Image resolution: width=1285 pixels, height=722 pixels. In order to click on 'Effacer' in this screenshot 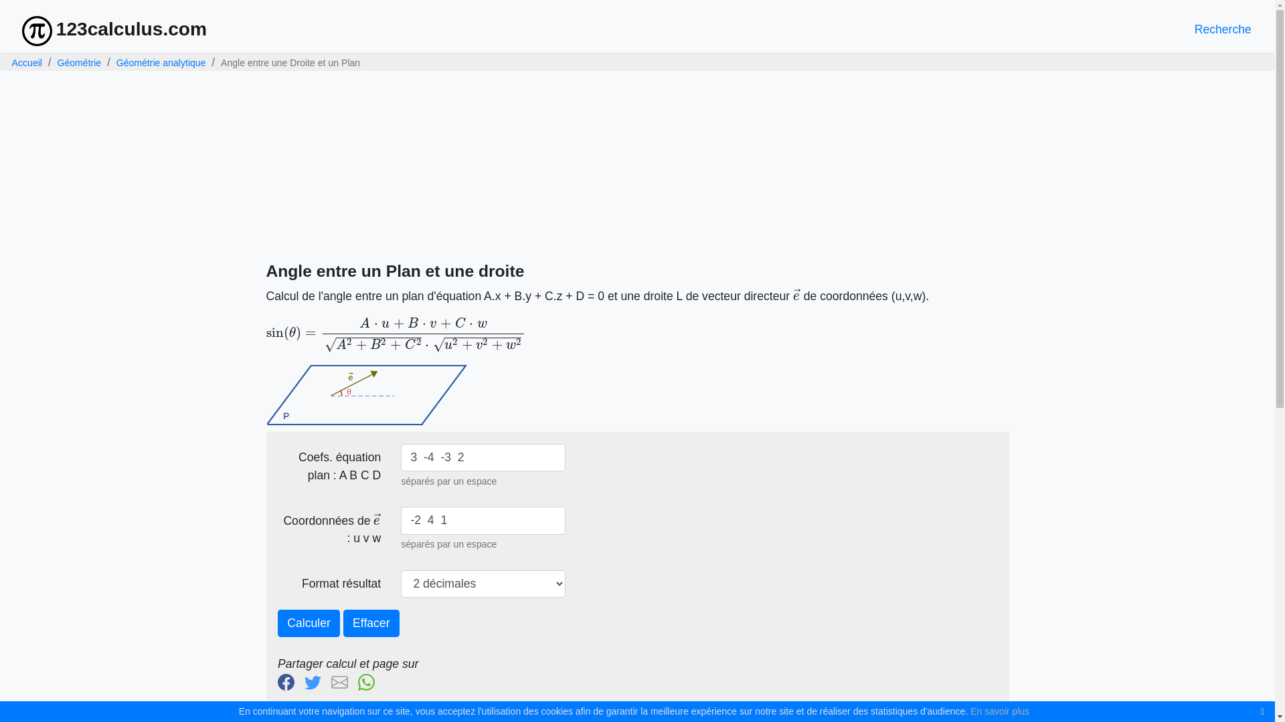, I will do `click(371, 624)`.